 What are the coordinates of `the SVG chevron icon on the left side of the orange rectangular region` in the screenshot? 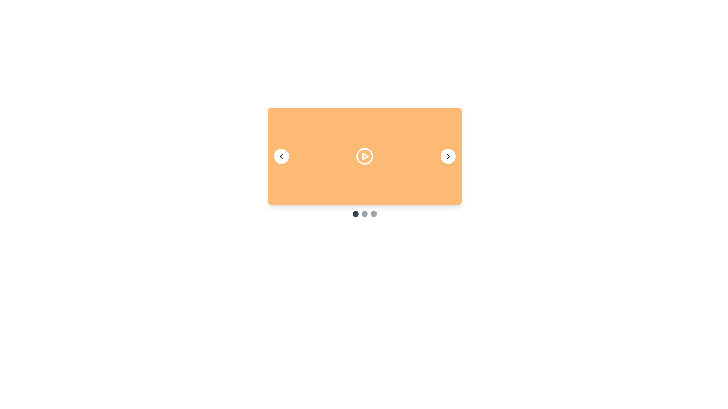 It's located at (281, 156).